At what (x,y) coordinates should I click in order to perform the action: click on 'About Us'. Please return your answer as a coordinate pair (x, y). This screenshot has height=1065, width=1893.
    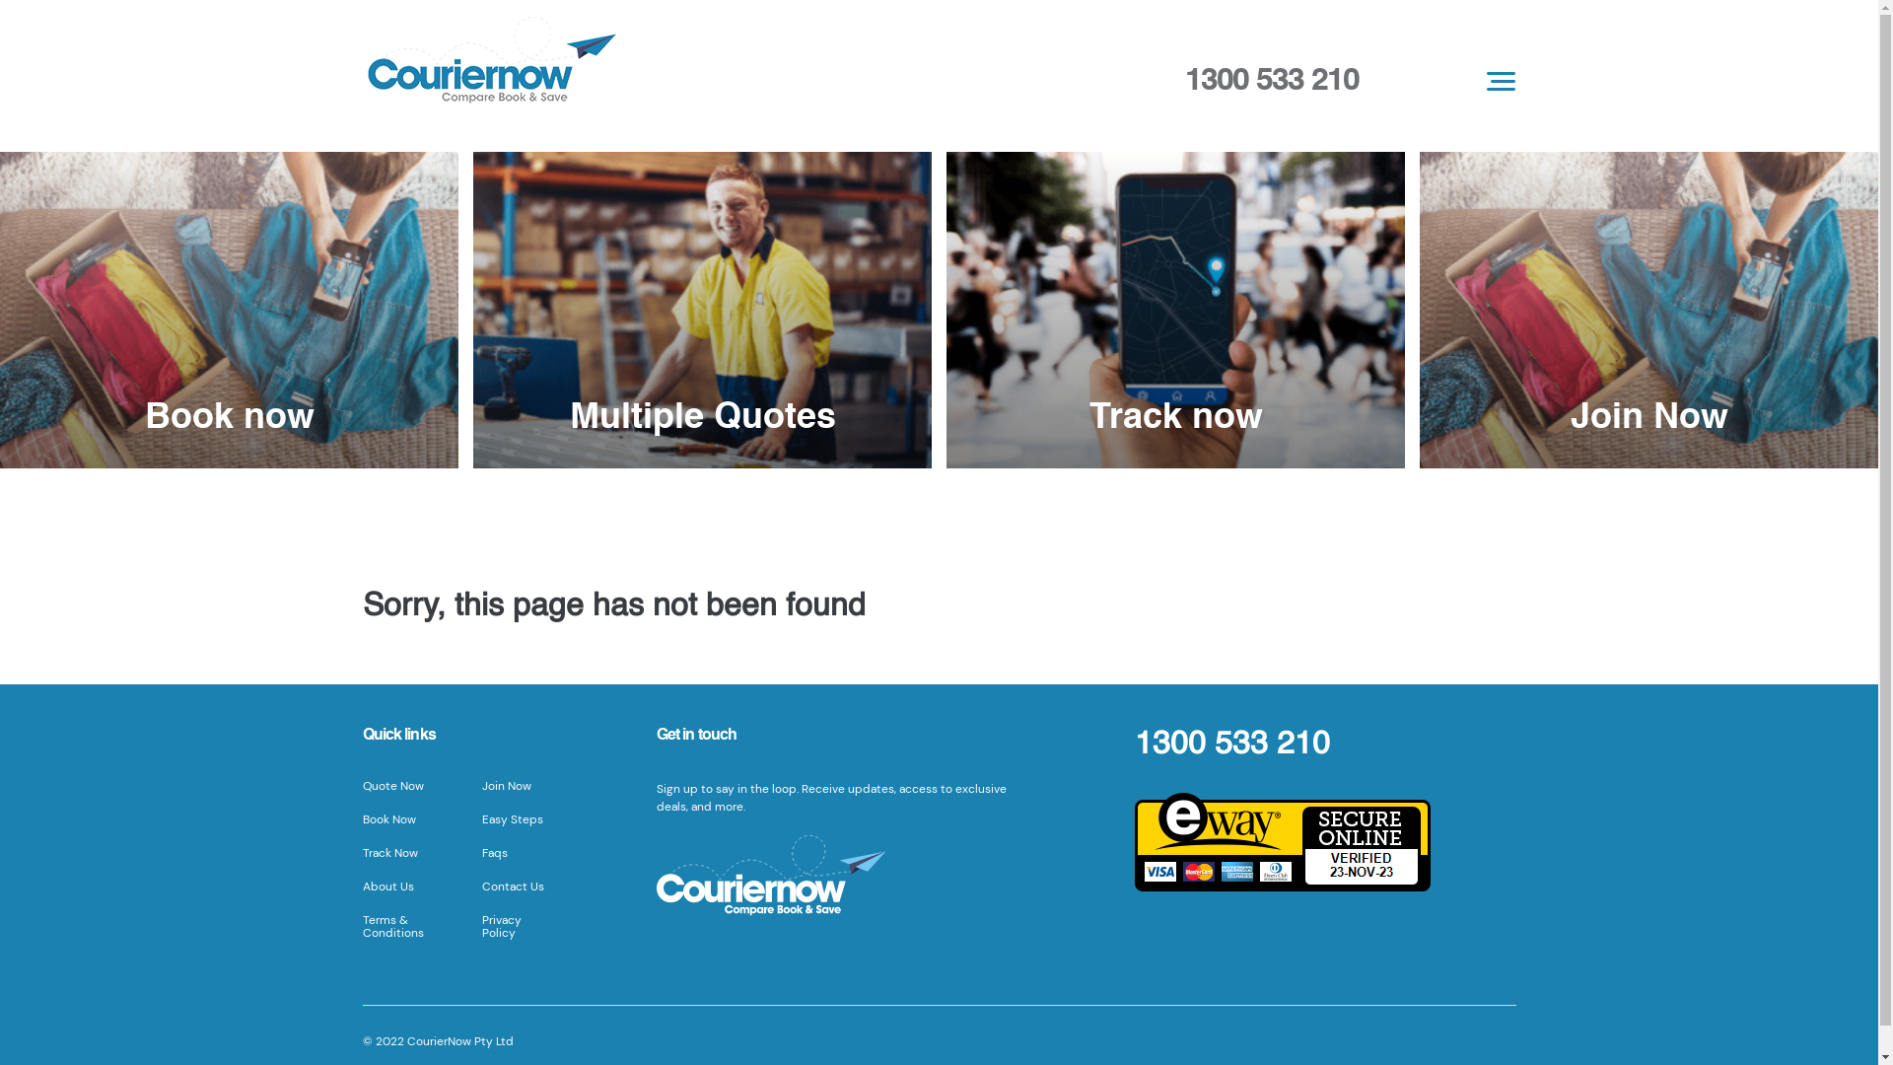
    Looking at the image, I should click on (363, 885).